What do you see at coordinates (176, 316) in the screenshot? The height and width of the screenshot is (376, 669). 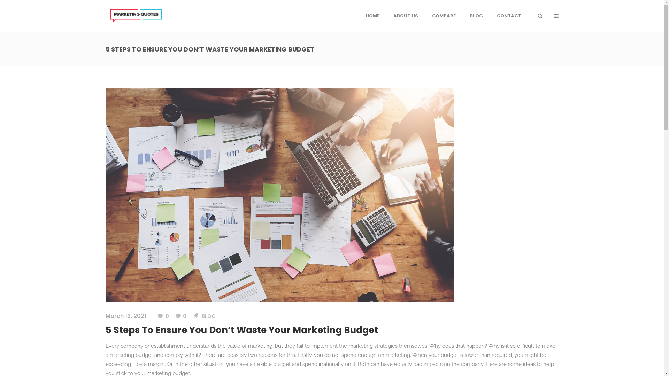 I see `'0'` at bounding box center [176, 316].